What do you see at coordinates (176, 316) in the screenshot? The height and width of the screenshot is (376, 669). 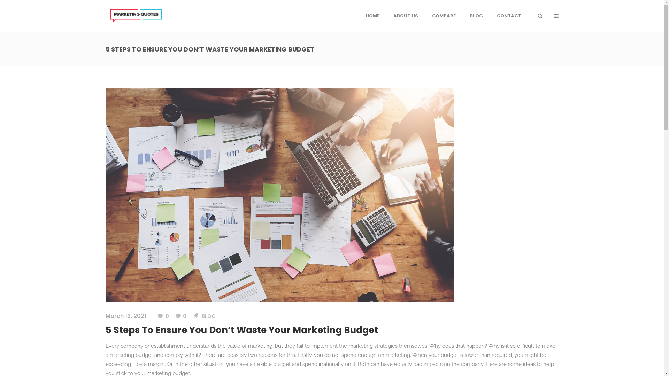 I see `'0'` at bounding box center [176, 316].